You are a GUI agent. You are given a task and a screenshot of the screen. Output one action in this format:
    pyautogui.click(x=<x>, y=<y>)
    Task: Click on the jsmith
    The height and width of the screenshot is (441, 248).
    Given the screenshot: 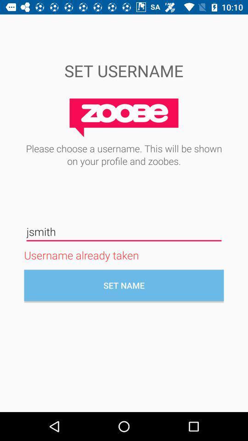 What is the action you would take?
    pyautogui.click(x=124, y=231)
    